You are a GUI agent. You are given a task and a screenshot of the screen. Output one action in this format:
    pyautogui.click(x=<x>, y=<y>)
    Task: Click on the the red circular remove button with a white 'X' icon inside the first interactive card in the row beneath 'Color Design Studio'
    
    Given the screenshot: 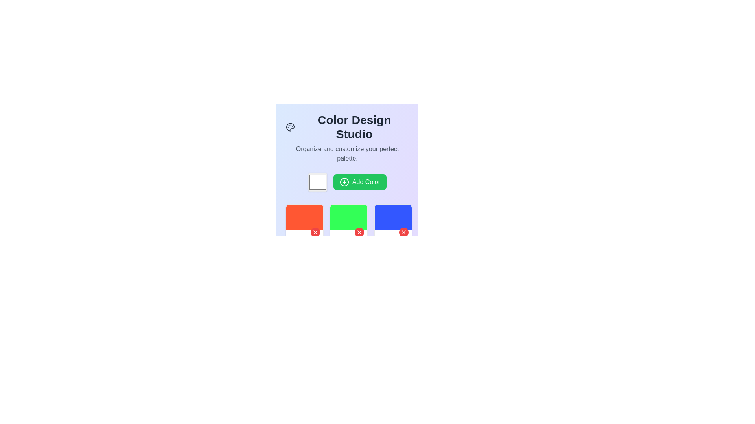 What is the action you would take?
    pyautogui.click(x=304, y=223)
    